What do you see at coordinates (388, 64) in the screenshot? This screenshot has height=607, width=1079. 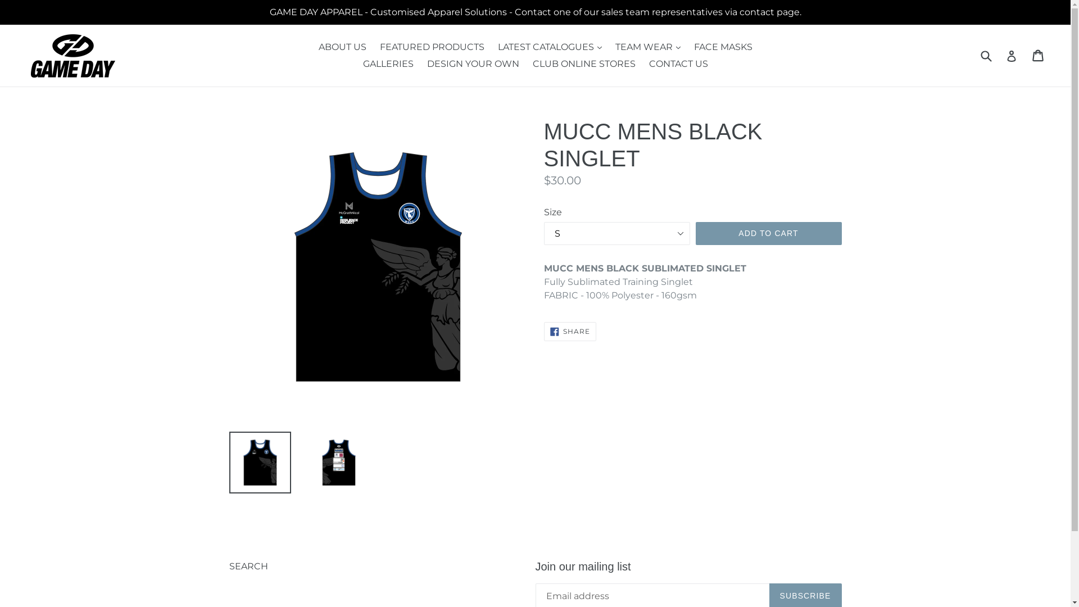 I see `'GALLERIES'` at bounding box center [388, 64].